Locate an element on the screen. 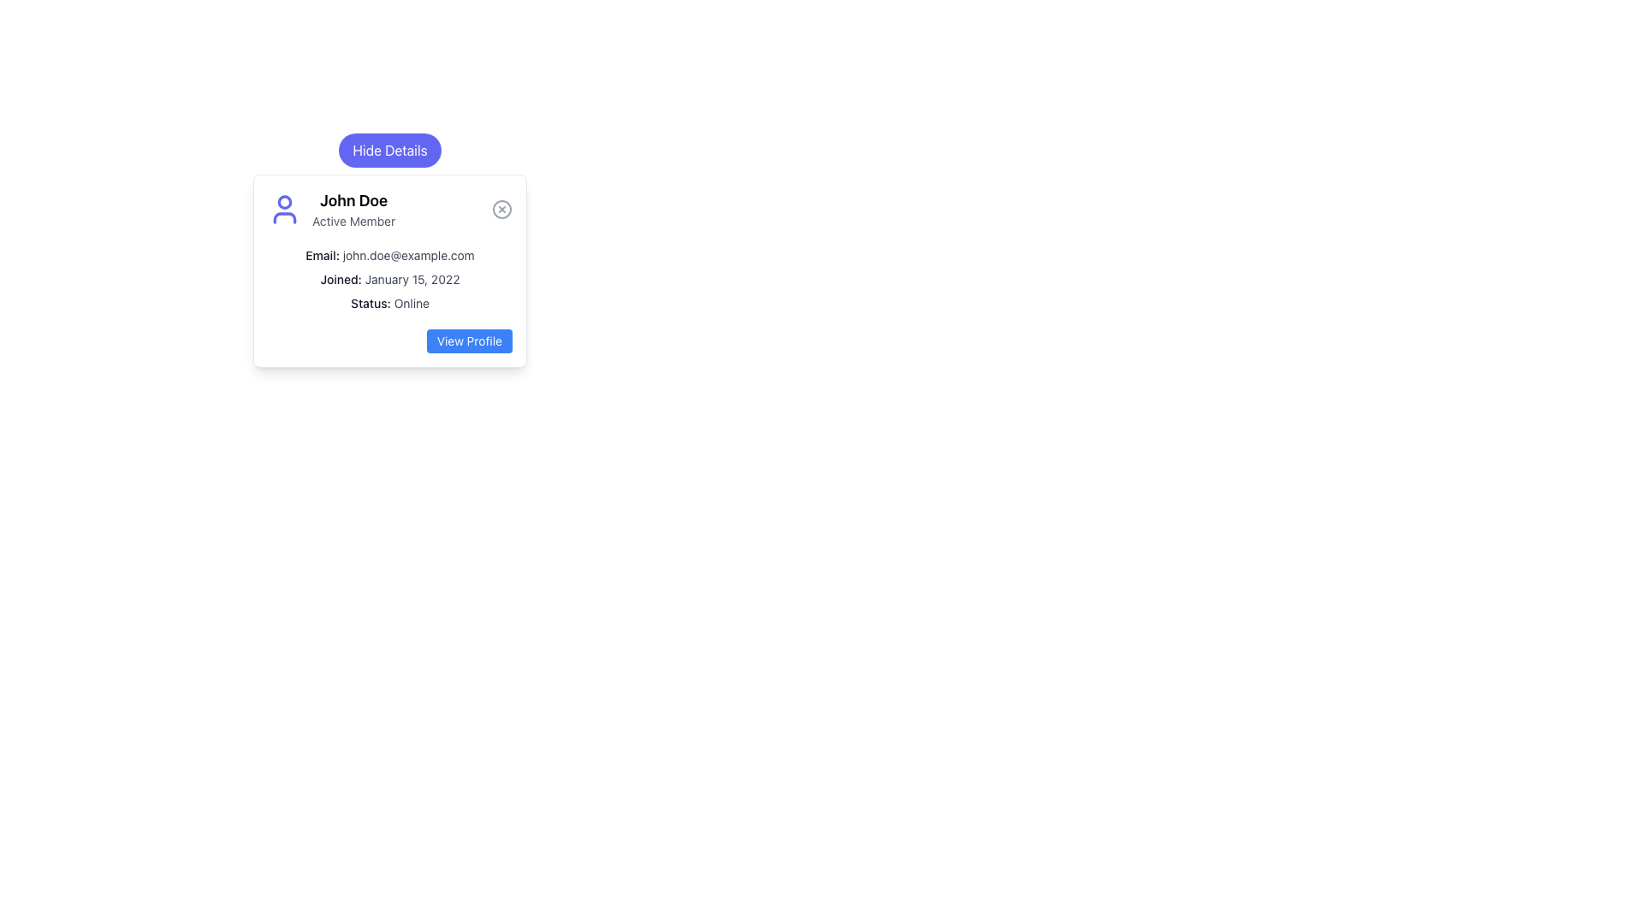  the 'Active Member' text label located below the name 'John Doe' within the profile card is located at coordinates (353, 220).